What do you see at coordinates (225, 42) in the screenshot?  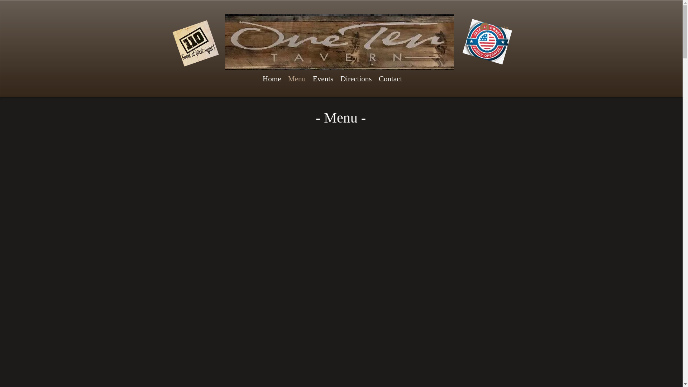 I see `'OTT Logo.jpg'` at bounding box center [225, 42].